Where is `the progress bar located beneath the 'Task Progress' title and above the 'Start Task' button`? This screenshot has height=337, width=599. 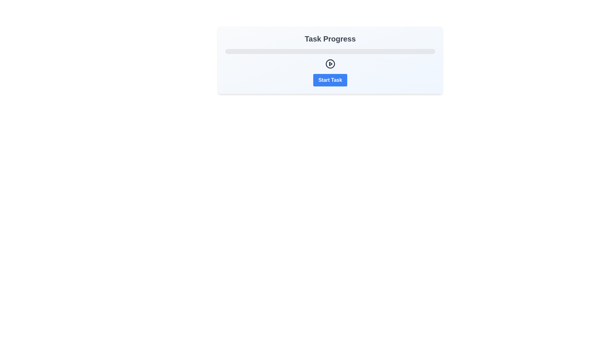
the progress bar located beneath the 'Task Progress' title and above the 'Start Task' button is located at coordinates (330, 51).